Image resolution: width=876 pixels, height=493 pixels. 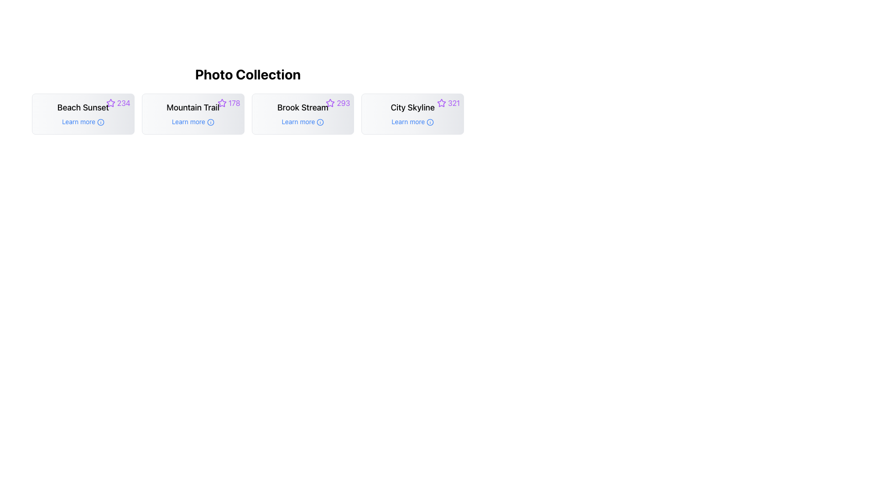 I want to click on text content of the 'Mountain Trail' text string, which is displayed in bold font and centrally aligned in the card under 'Photo Collection', so click(x=193, y=107).